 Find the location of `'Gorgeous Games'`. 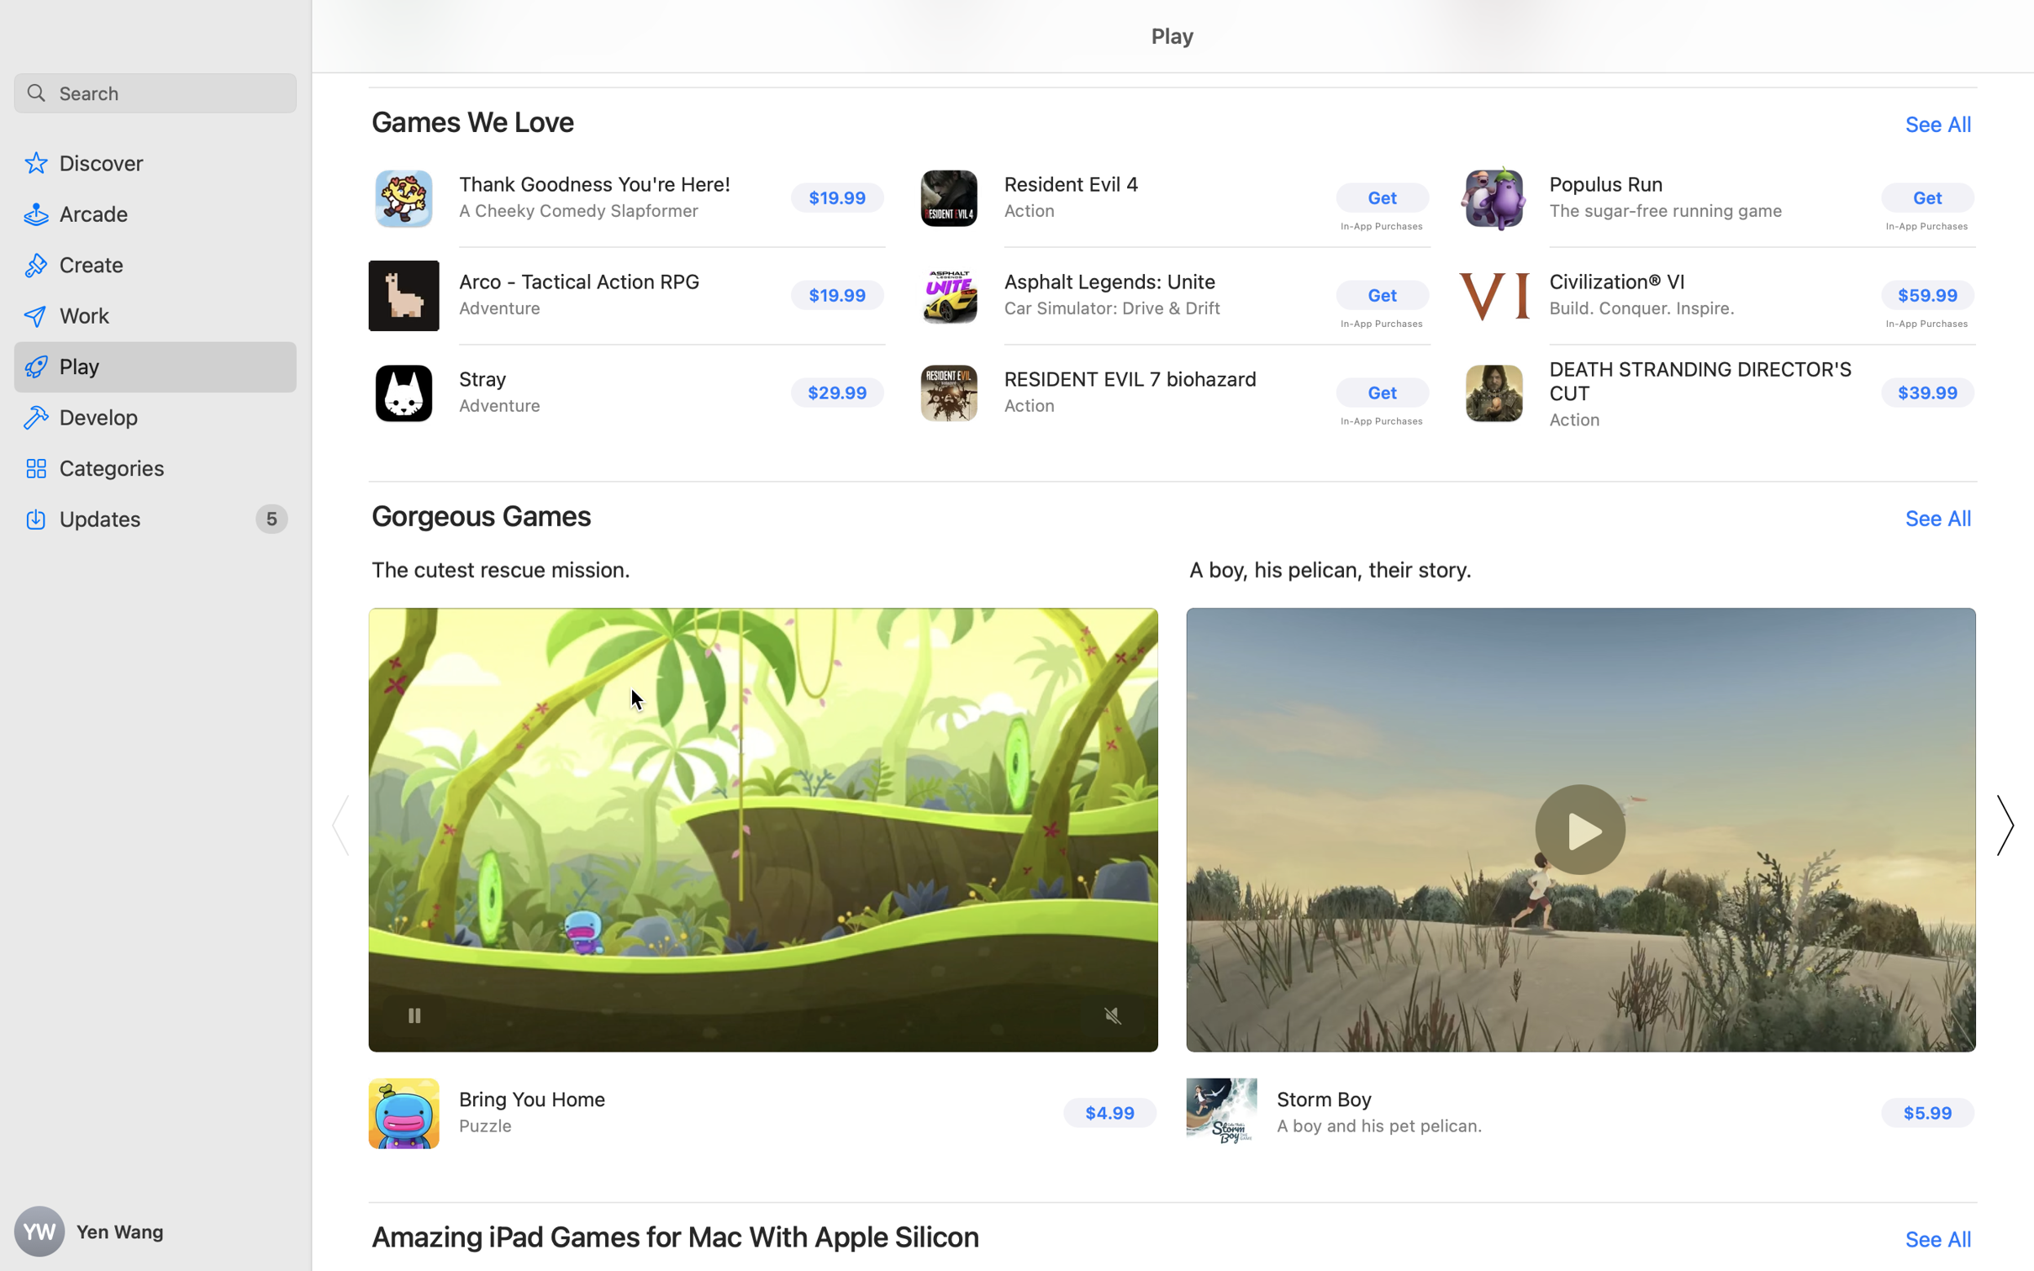

'Gorgeous Games' is located at coordinates (480, 514).